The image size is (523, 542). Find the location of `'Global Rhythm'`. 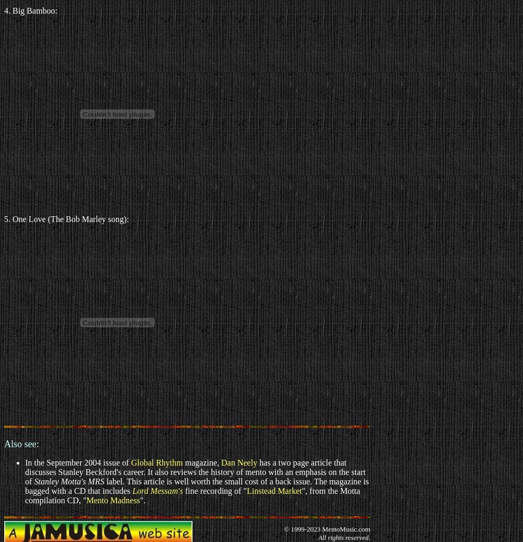

'Global Rhythm' is located at coordinates (156, 462).